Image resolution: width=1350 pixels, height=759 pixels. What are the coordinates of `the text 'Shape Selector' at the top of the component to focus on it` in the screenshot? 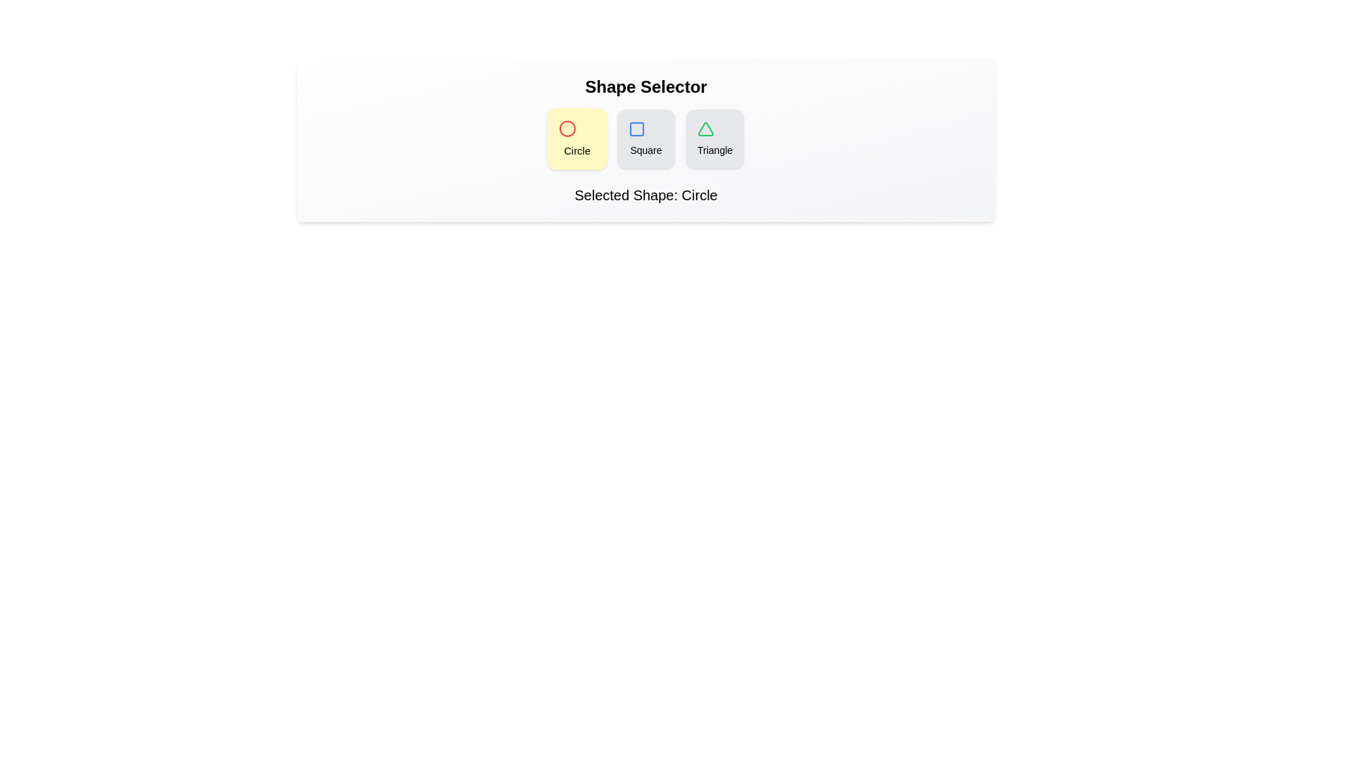 It's located at (645, 86).